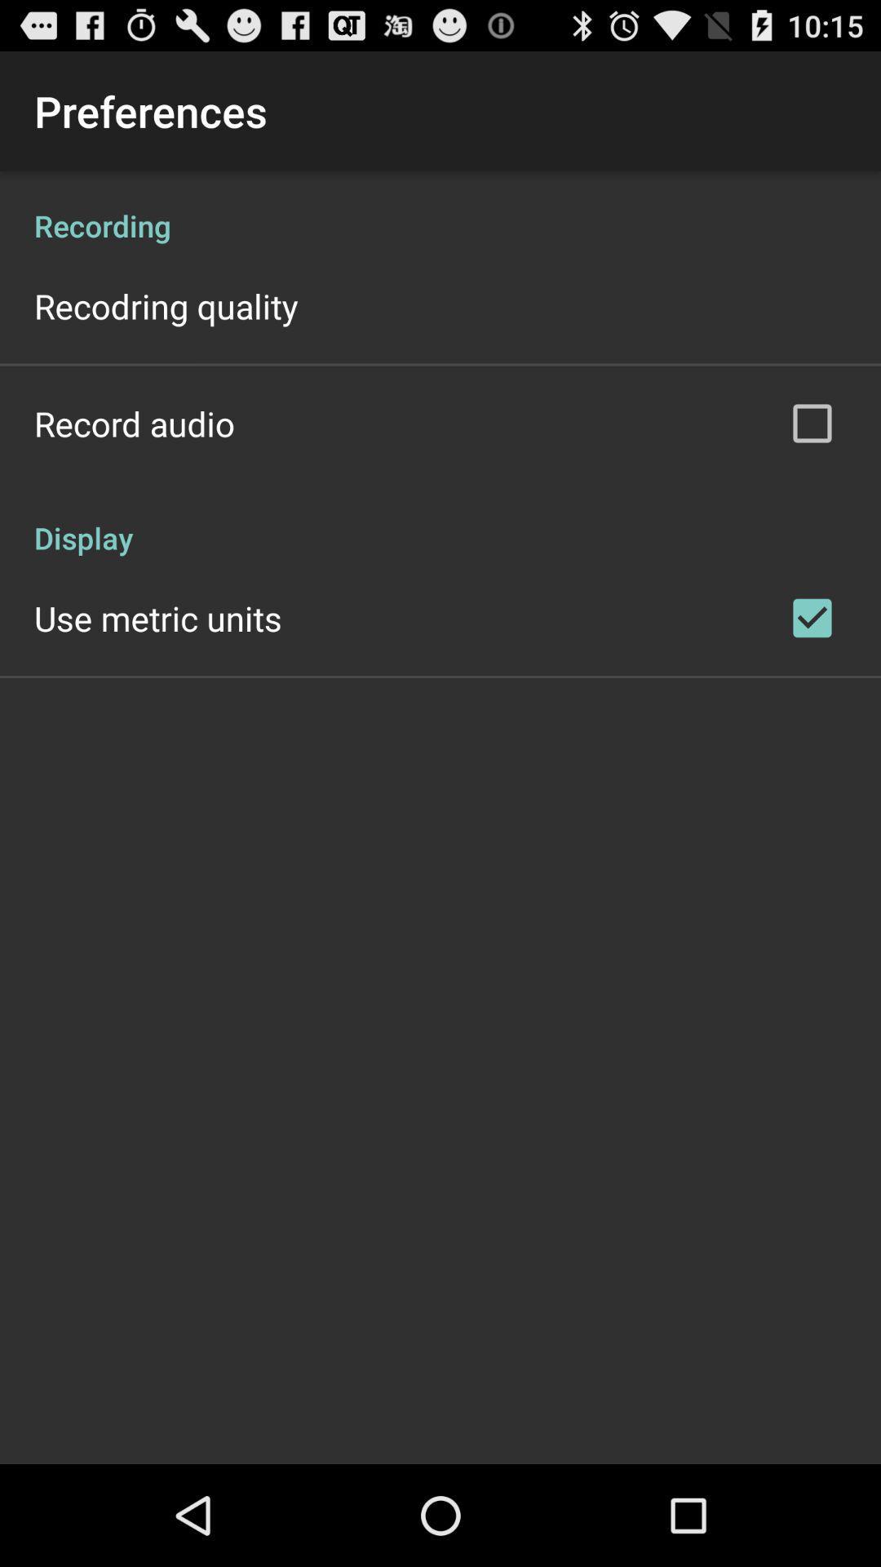  What do you see at coordinates (166, 305) in the screenshot?
I see `app below recording` at bounding box center [166, 305].